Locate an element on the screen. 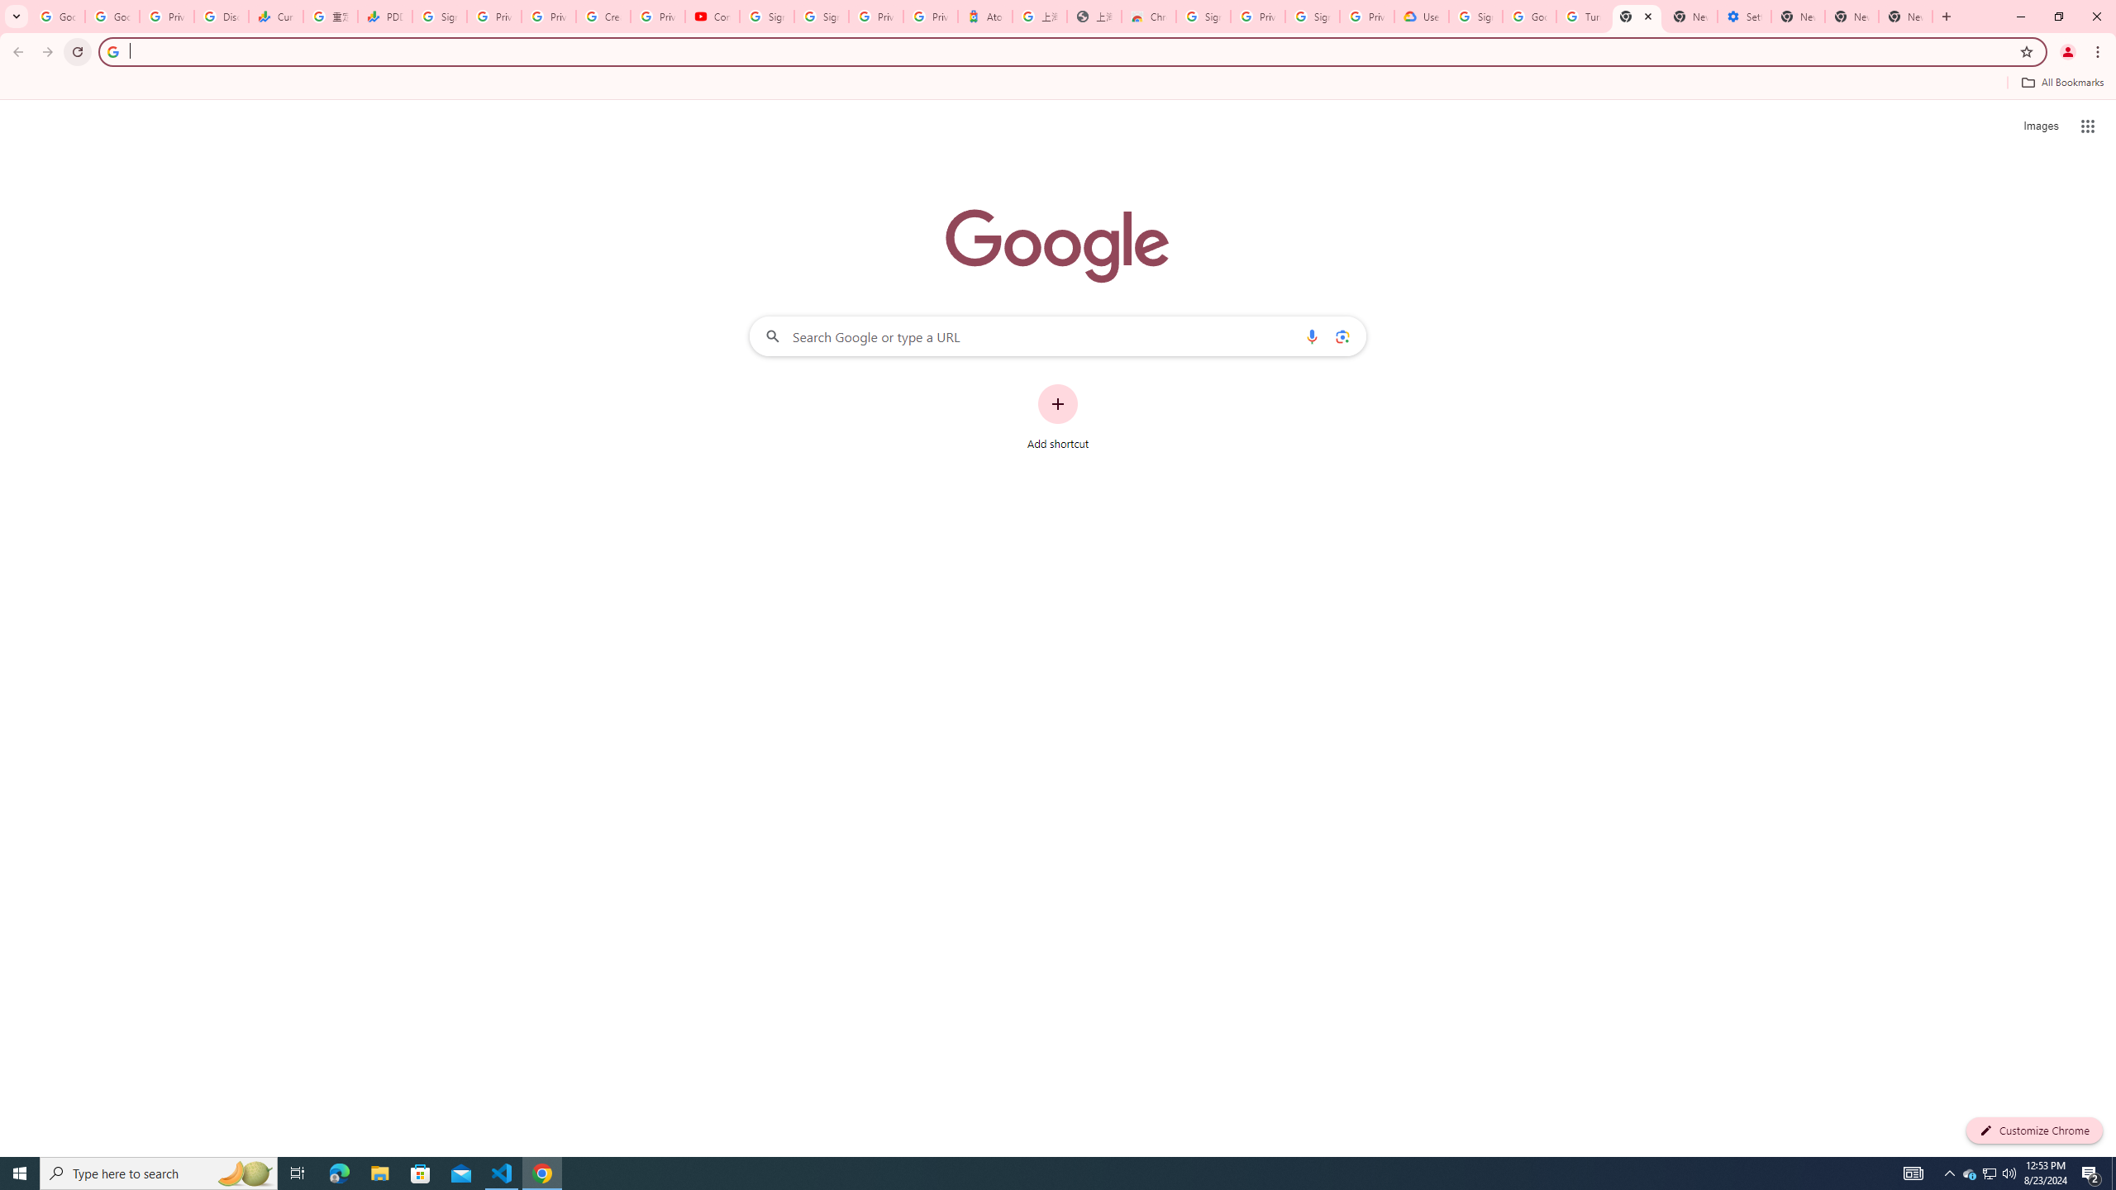 This screenshot has height=1190, width=2116. 'Add shortcut' is located at coordinates (1058, 417).